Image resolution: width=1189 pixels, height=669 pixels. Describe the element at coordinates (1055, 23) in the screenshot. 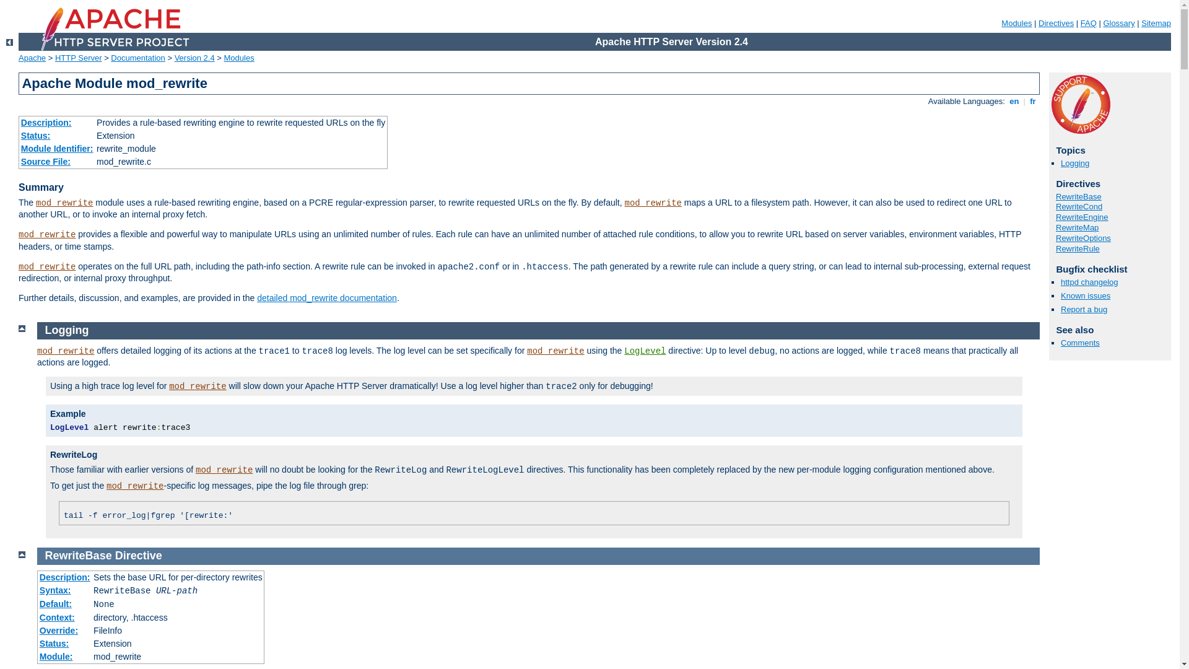

I see `'Directives'` at that location.